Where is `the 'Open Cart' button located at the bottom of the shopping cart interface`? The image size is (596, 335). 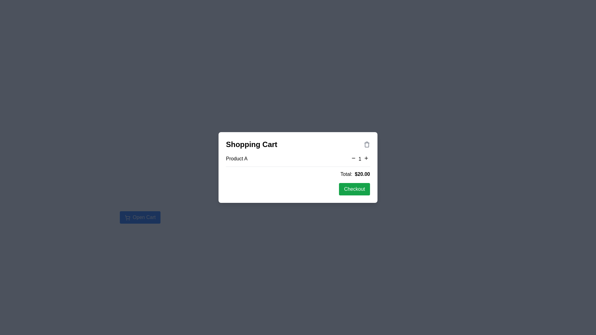
the 'Open Cart' button located at the bottom of the shopping cart interface is located at coordinates (140, 214).